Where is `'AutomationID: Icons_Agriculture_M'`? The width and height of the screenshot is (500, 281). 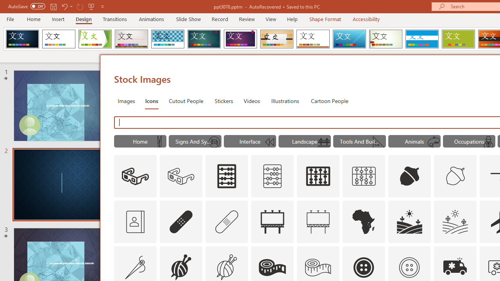
'AutomationID: Icons_Agriculture_M' is located at coordinates (455, 222).